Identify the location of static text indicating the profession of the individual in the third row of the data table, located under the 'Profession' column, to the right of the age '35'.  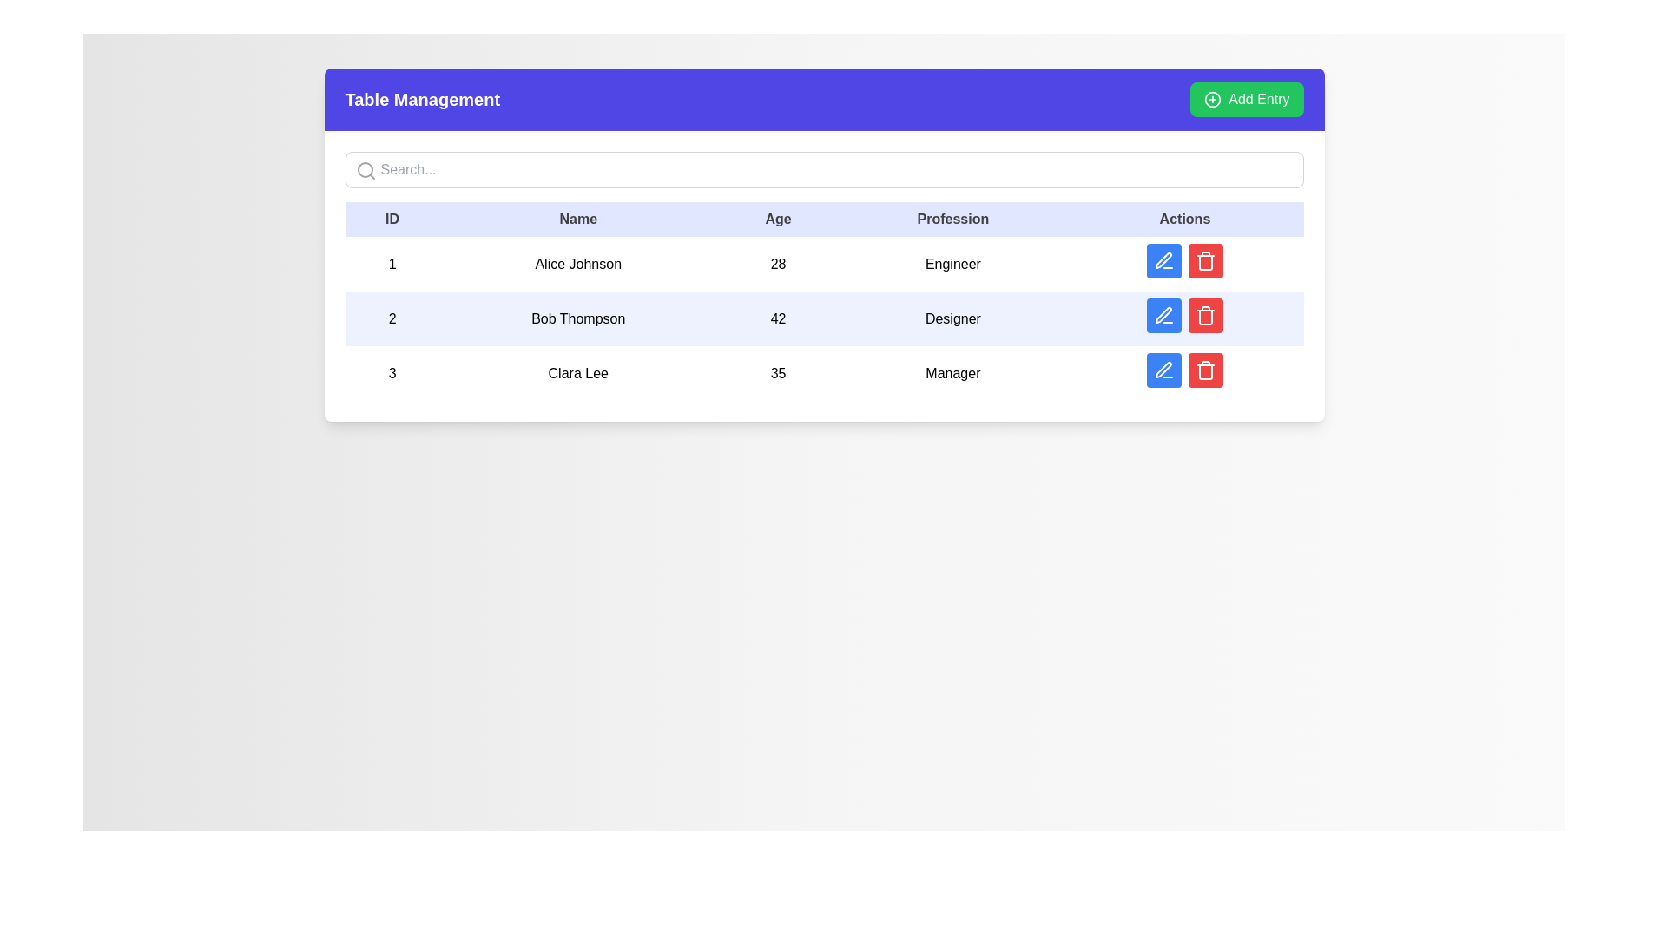
(952, 372).